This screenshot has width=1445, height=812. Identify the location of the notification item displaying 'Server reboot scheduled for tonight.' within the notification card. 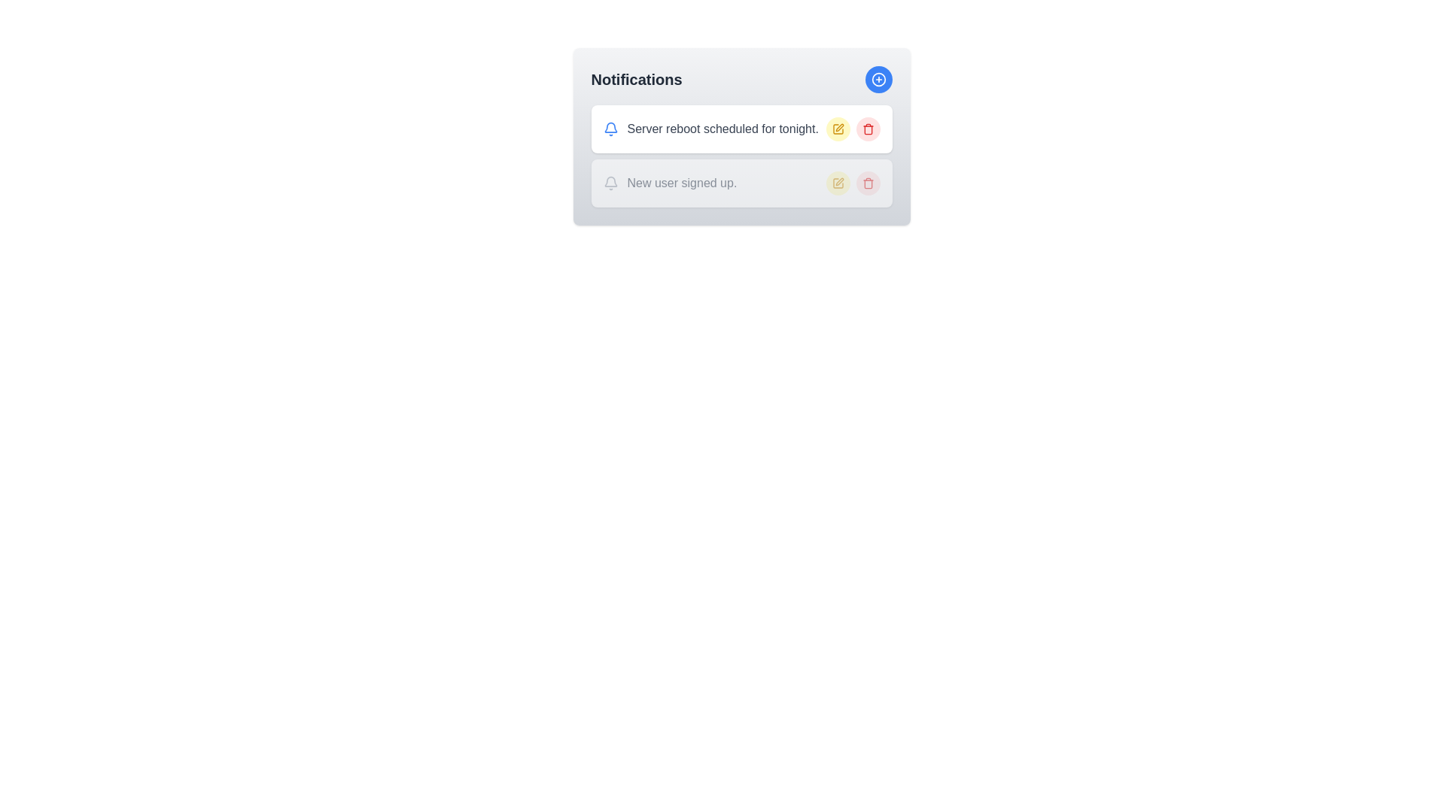
(741, 136).